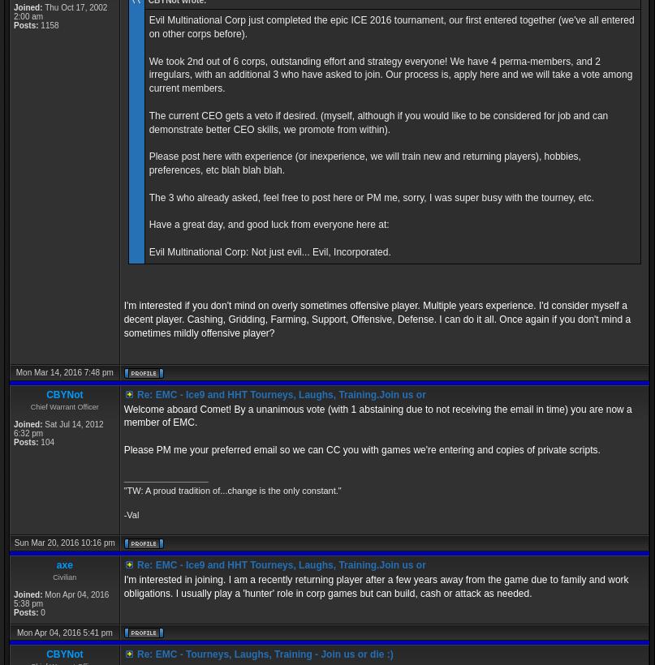 The width and height of the screenshot is (655, 665). What do you see at coordinates (149, 250) in the screenshot?
I see `'Evil Multinational Corp: Not just evil... Evil, Incorporated.'` at bounding box center [149, 250].